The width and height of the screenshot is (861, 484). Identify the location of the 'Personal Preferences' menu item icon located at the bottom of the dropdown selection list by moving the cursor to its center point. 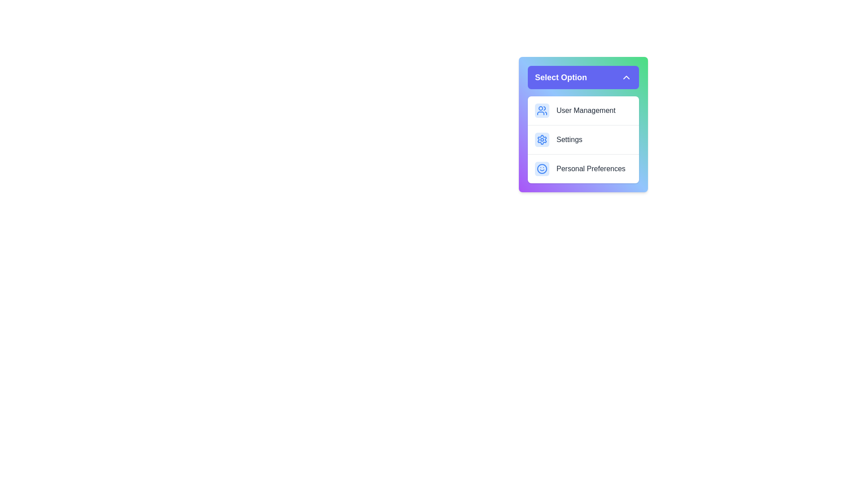
(542, 169).